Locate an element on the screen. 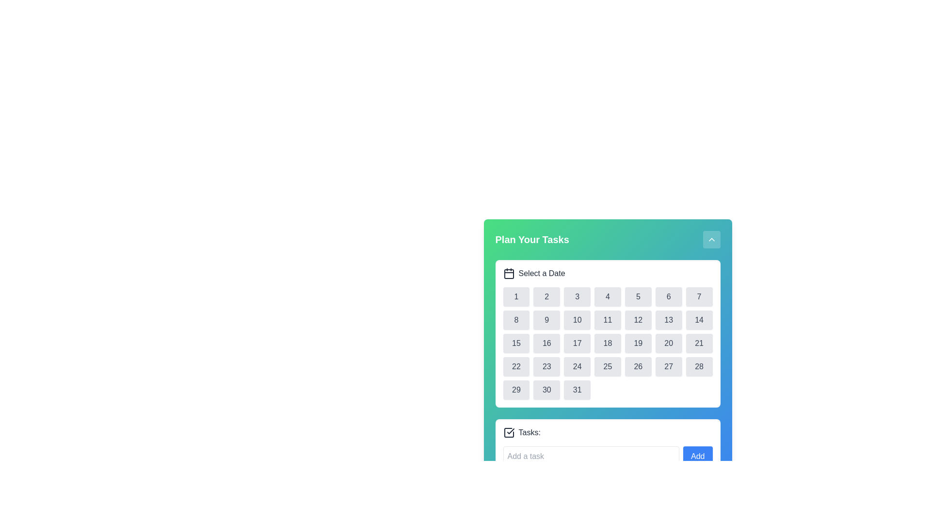  the small rectangular button with rounded corners that has the text '11' in the second row and fourth column of the calendar grid is located at coordinates (607, 320).